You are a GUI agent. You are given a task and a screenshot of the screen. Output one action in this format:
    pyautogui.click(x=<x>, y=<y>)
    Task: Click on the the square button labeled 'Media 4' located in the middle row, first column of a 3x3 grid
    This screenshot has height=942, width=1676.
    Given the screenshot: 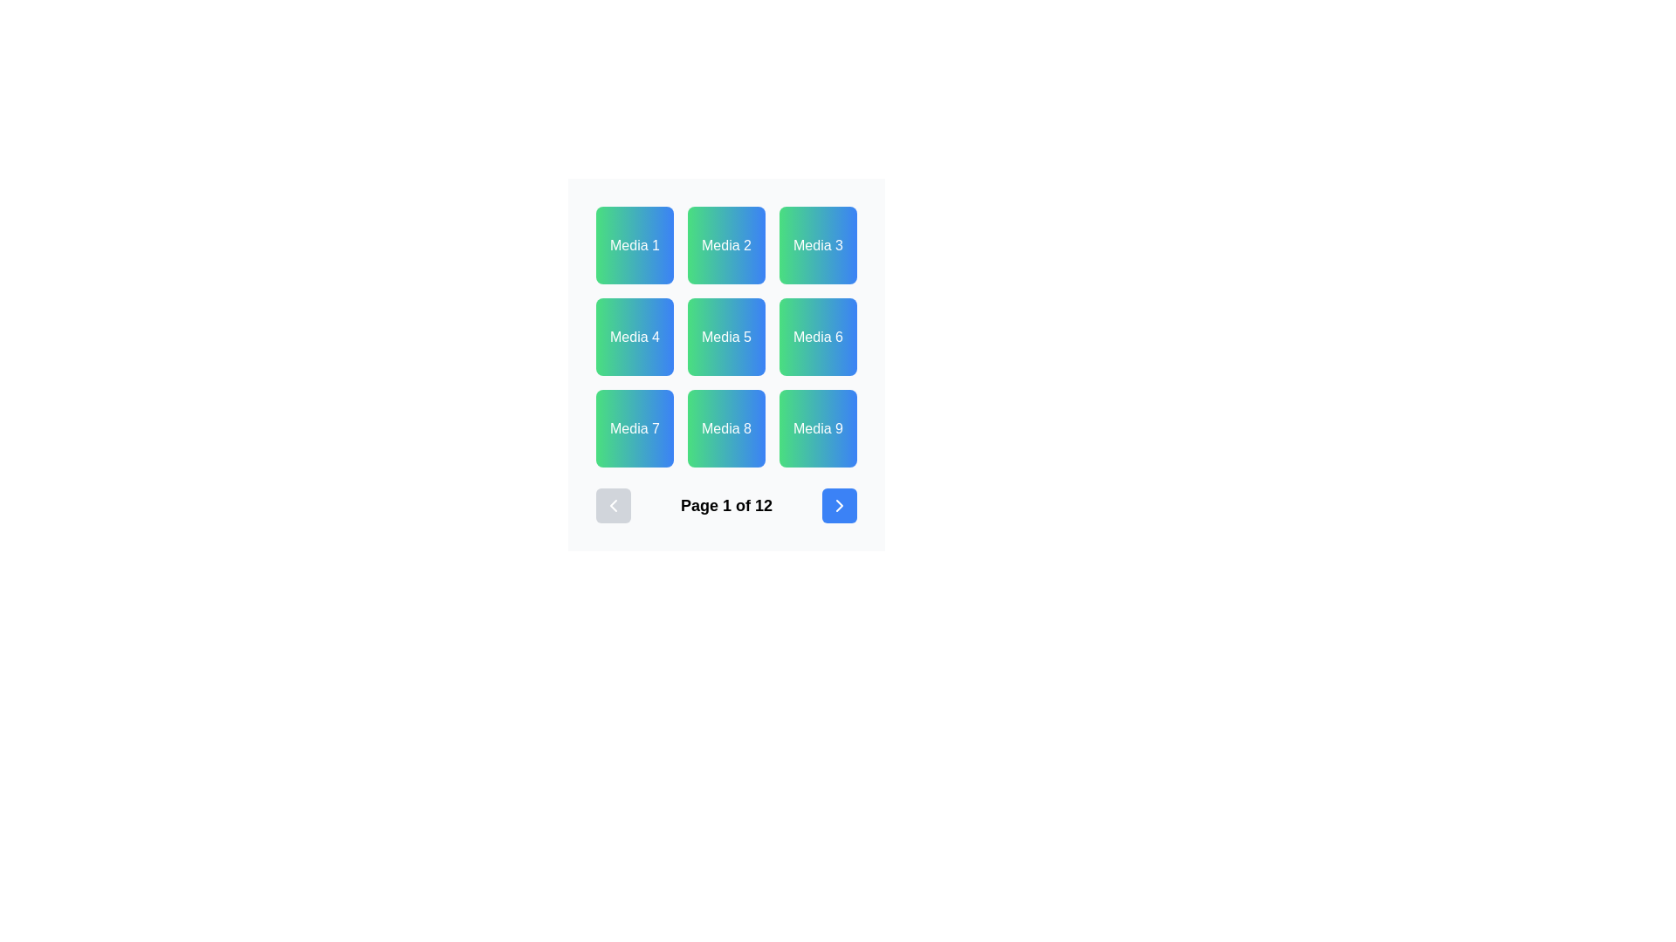 What is the action you would take?
    pyautogui.click(x=634, y=337)
    